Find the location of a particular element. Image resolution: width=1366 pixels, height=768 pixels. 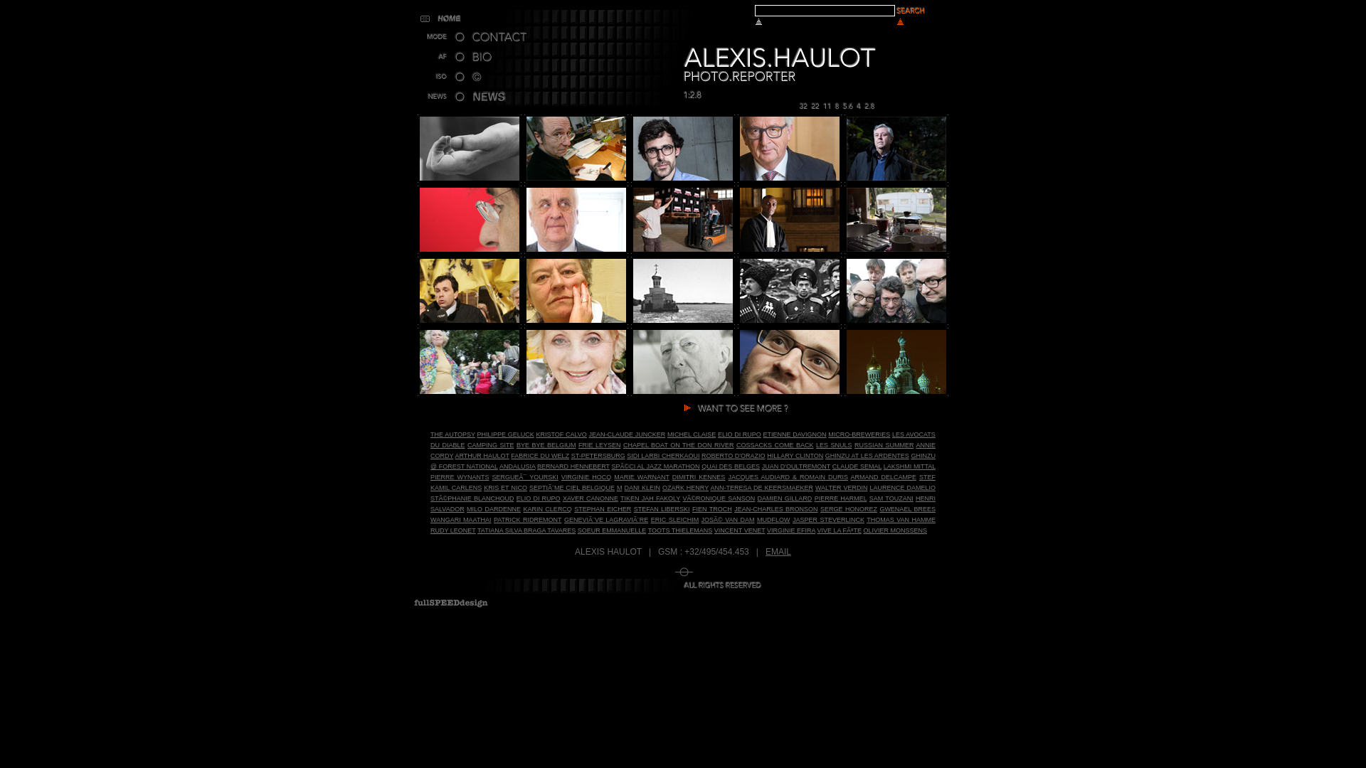

'VIRGINIE HOCQ' is located at coordinates (586, 477).